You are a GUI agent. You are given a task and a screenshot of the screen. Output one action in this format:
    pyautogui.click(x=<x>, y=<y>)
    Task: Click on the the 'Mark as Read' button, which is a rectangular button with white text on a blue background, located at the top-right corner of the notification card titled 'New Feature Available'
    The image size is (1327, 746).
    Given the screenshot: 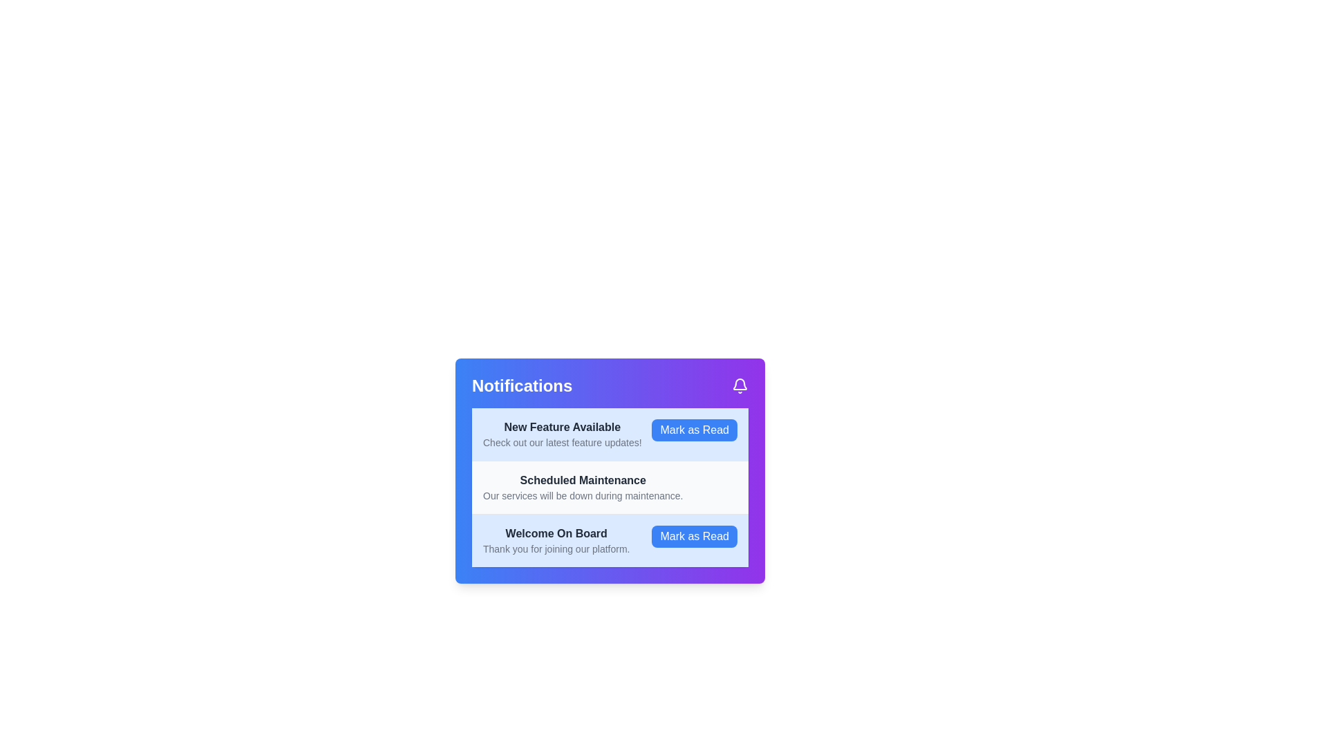 What is the action you would take?
    pyautogui.click(x=695, y=430)
    